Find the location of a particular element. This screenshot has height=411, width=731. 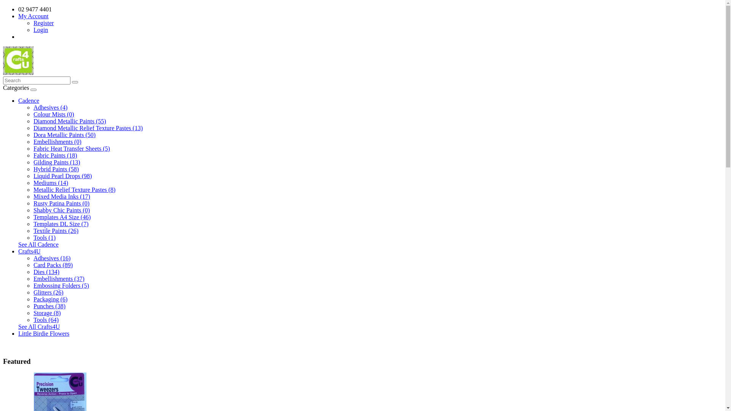

'Adhesives (4)' is located at coordinates (50, 107).